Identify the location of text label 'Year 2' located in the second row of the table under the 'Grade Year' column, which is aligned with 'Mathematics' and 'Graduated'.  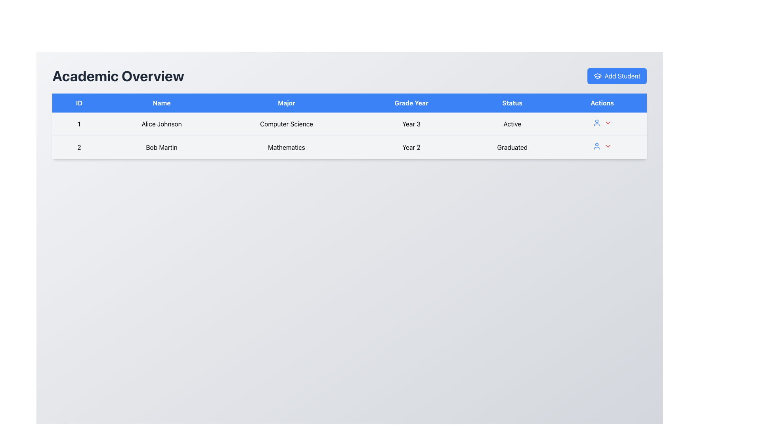
(411, 147).